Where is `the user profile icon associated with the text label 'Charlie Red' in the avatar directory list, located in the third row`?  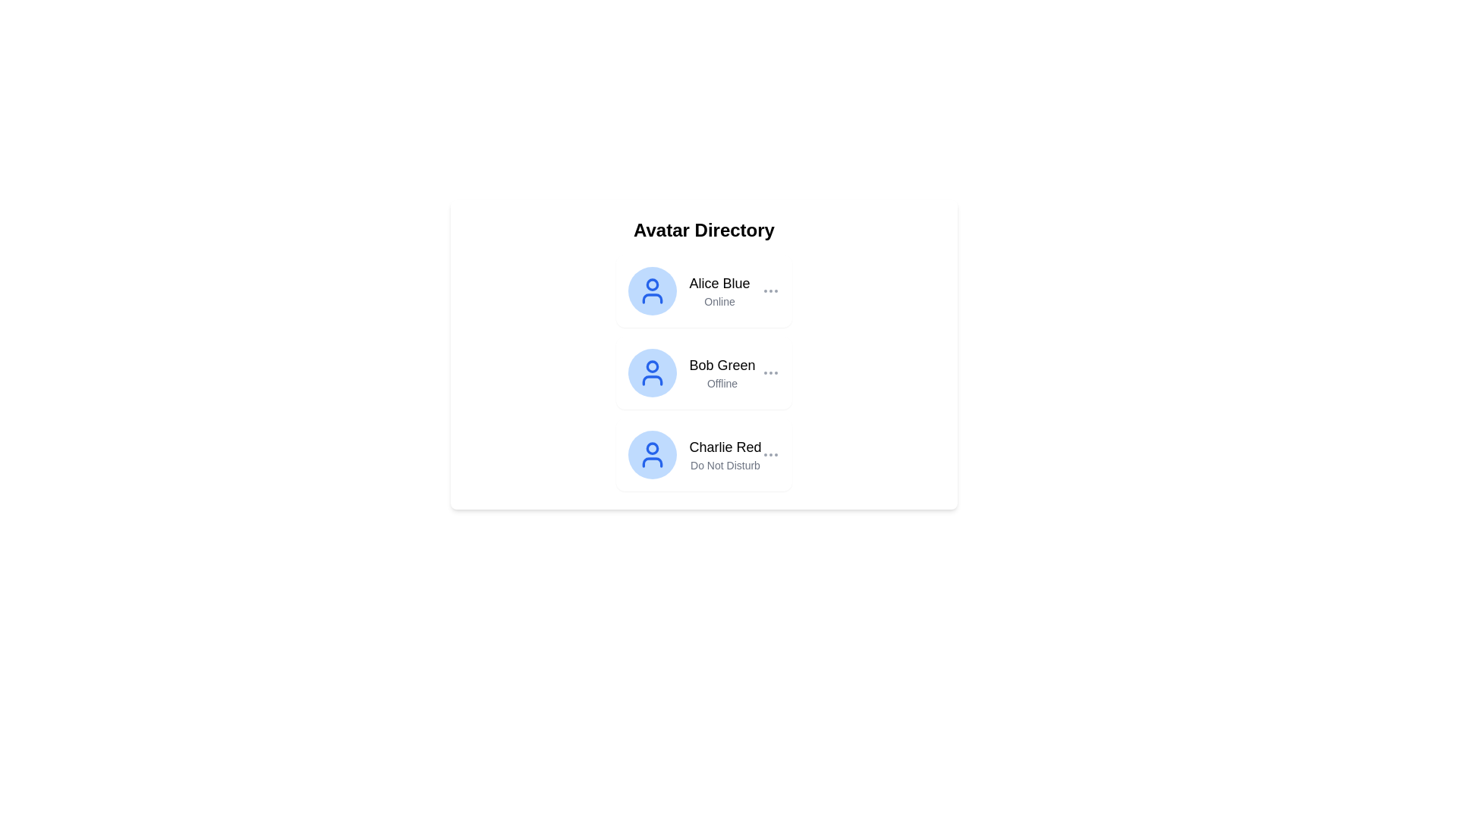
the user profile icon associated with the text label 'Charlie Red' in the avatar directory list, located in the third row is located at coordinates (653, 454).